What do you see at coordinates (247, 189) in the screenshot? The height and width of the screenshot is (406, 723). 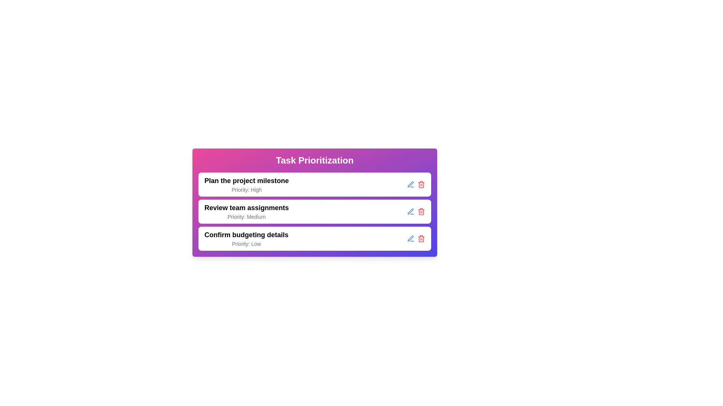 I see `the text label displaying 'Priority: High' which is styled in a small gray font, located beneath 'Plan the project milestone' in a task item card layout` at bounding box center [247, 189].